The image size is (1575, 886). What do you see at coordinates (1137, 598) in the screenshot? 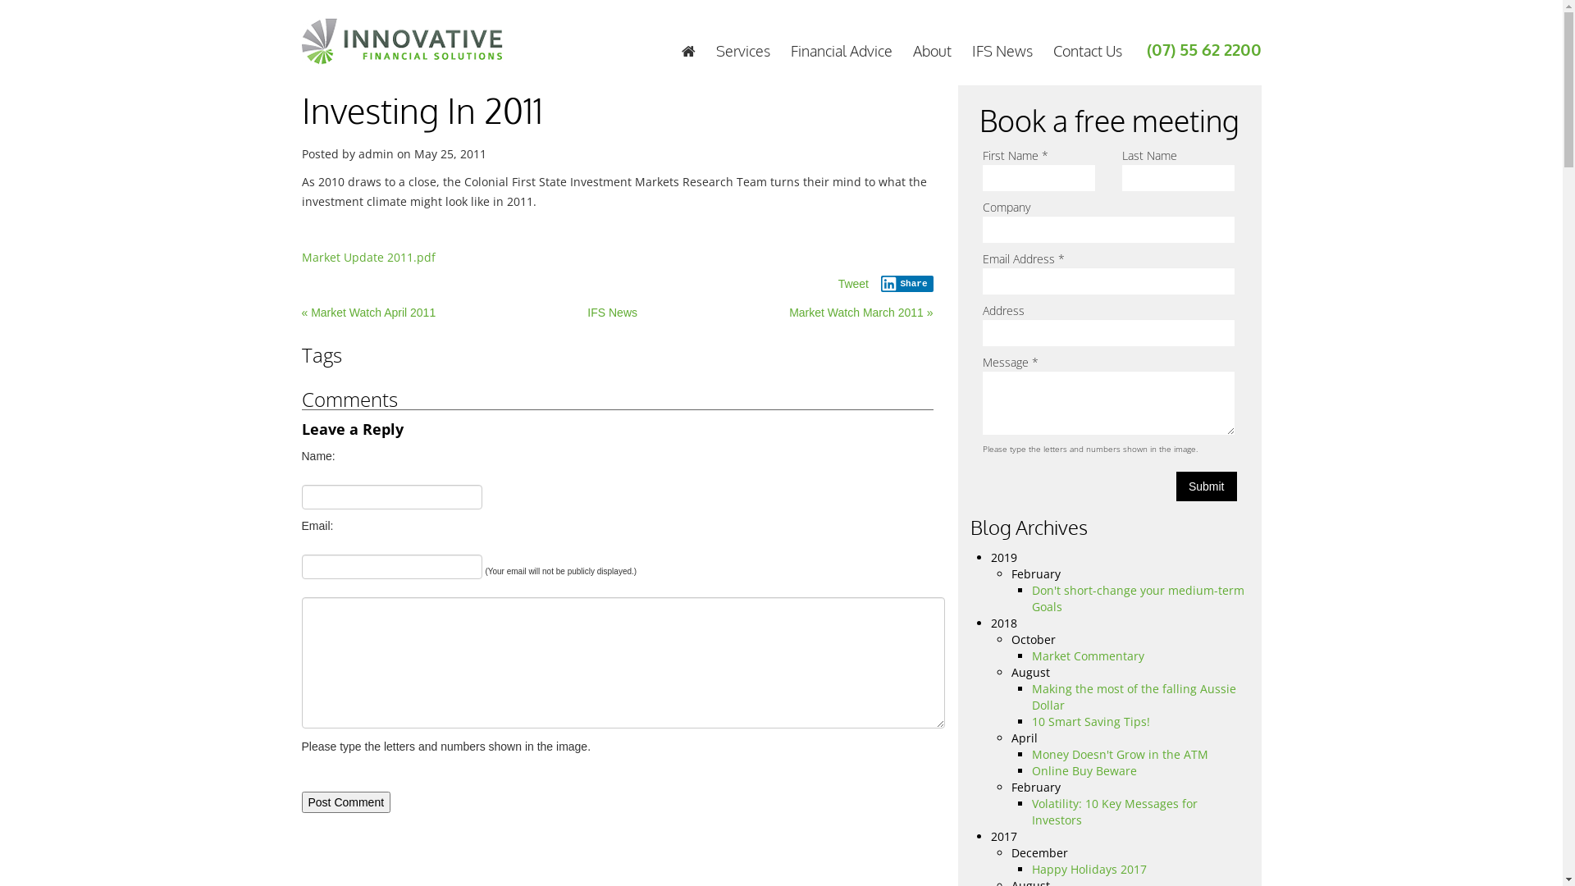
I see `'Don't short-change your medium-term Goals'` at bounding box center [1137, 598].